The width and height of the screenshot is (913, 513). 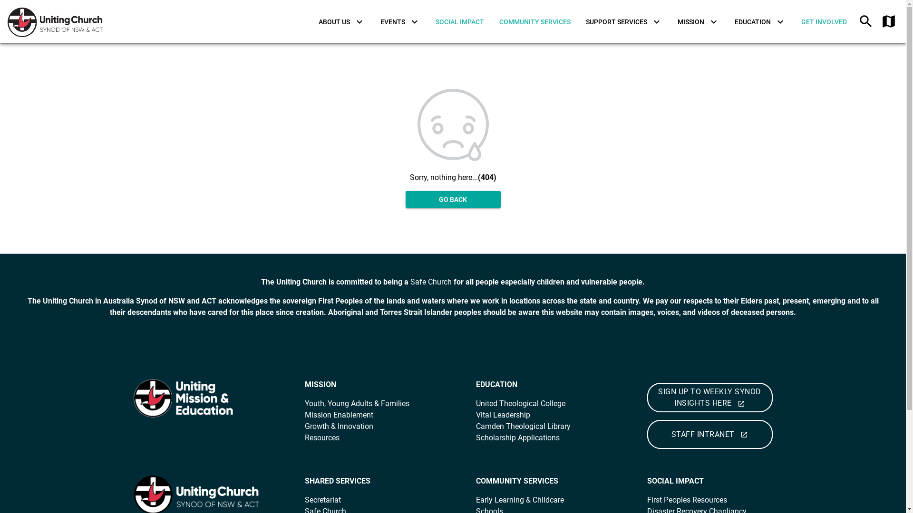 What do you see at coordinates (517, 437) in the screenshot?
I see `'Scholarship Applications'` at bounding box center [517, 437].